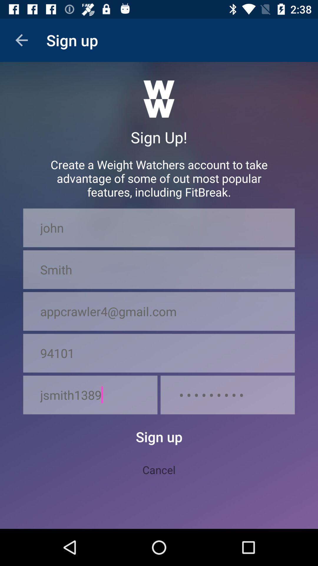 The width and height of the screenshot is (318, 566). I want to click on the 94101, so click(159, 353).